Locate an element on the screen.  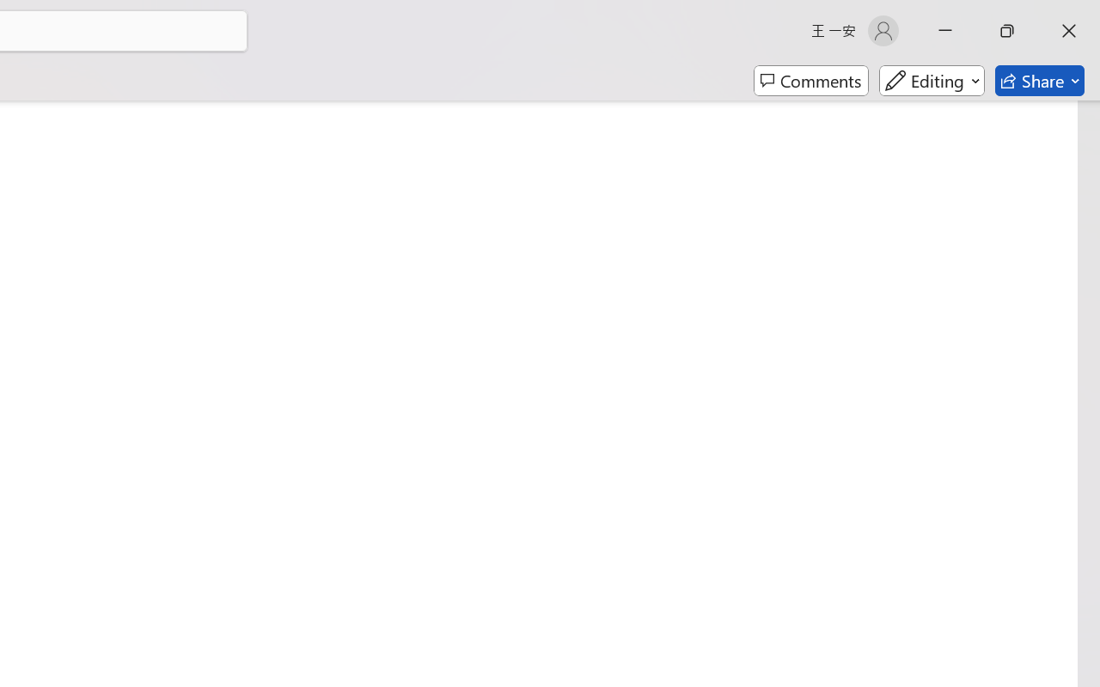
'Close' is located at coordinates (1068, 30).